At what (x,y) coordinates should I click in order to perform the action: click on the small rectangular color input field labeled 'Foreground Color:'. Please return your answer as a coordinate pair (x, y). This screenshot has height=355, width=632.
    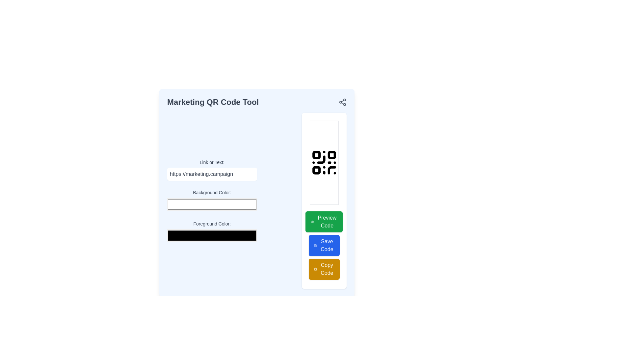
    Looking at the image, I should click on (212, 231).